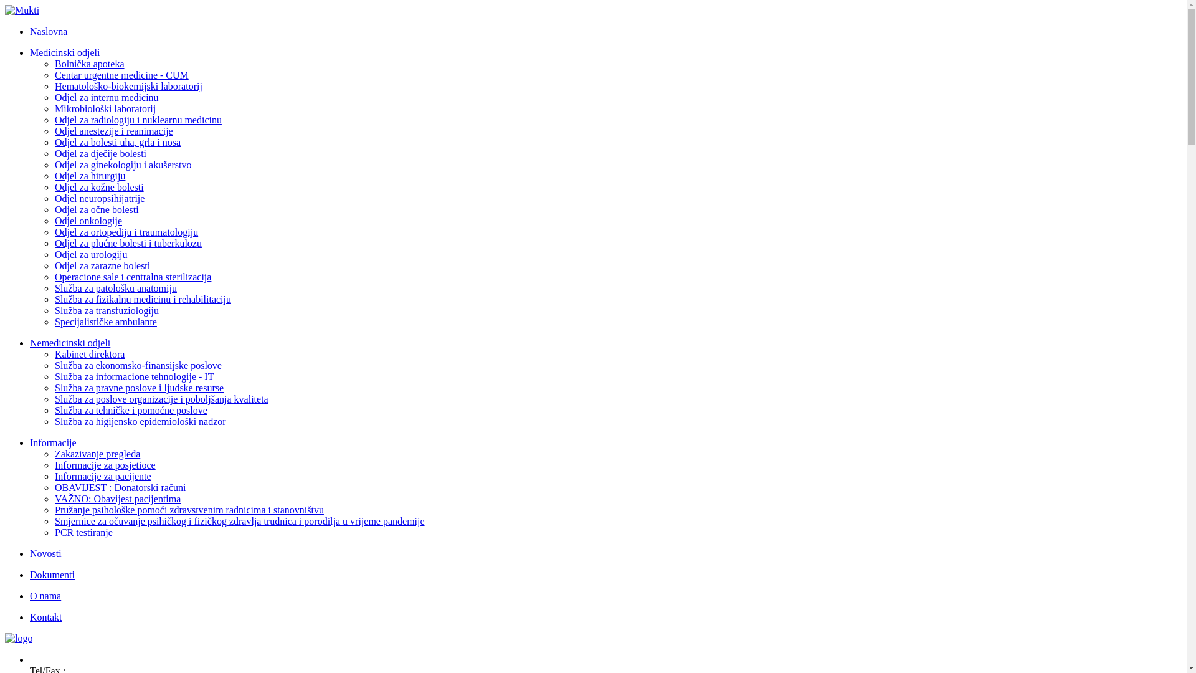 The height and width of the screenshot is (673, 1196). What do you see at coordinates (138, 120) in the screenshot?
I see `'Odjel za radiologiju i nuklearnu medicinu'` at bounding box center [138, 120].